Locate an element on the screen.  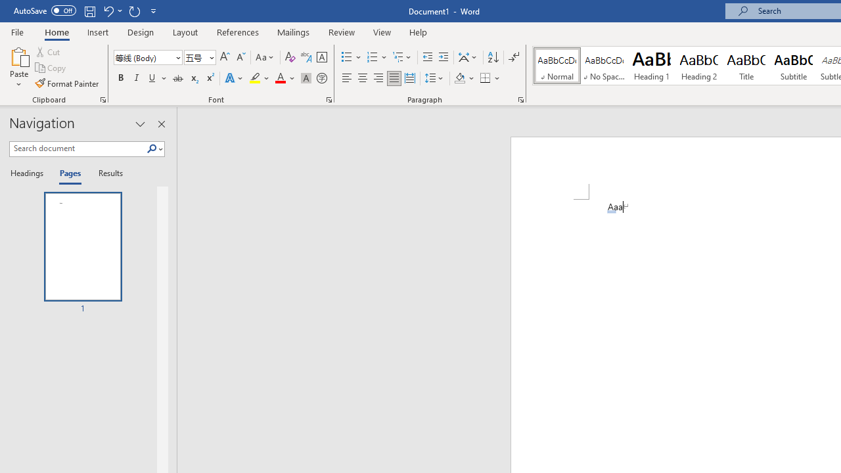
'Underline' is located at coordinates (152, 78).